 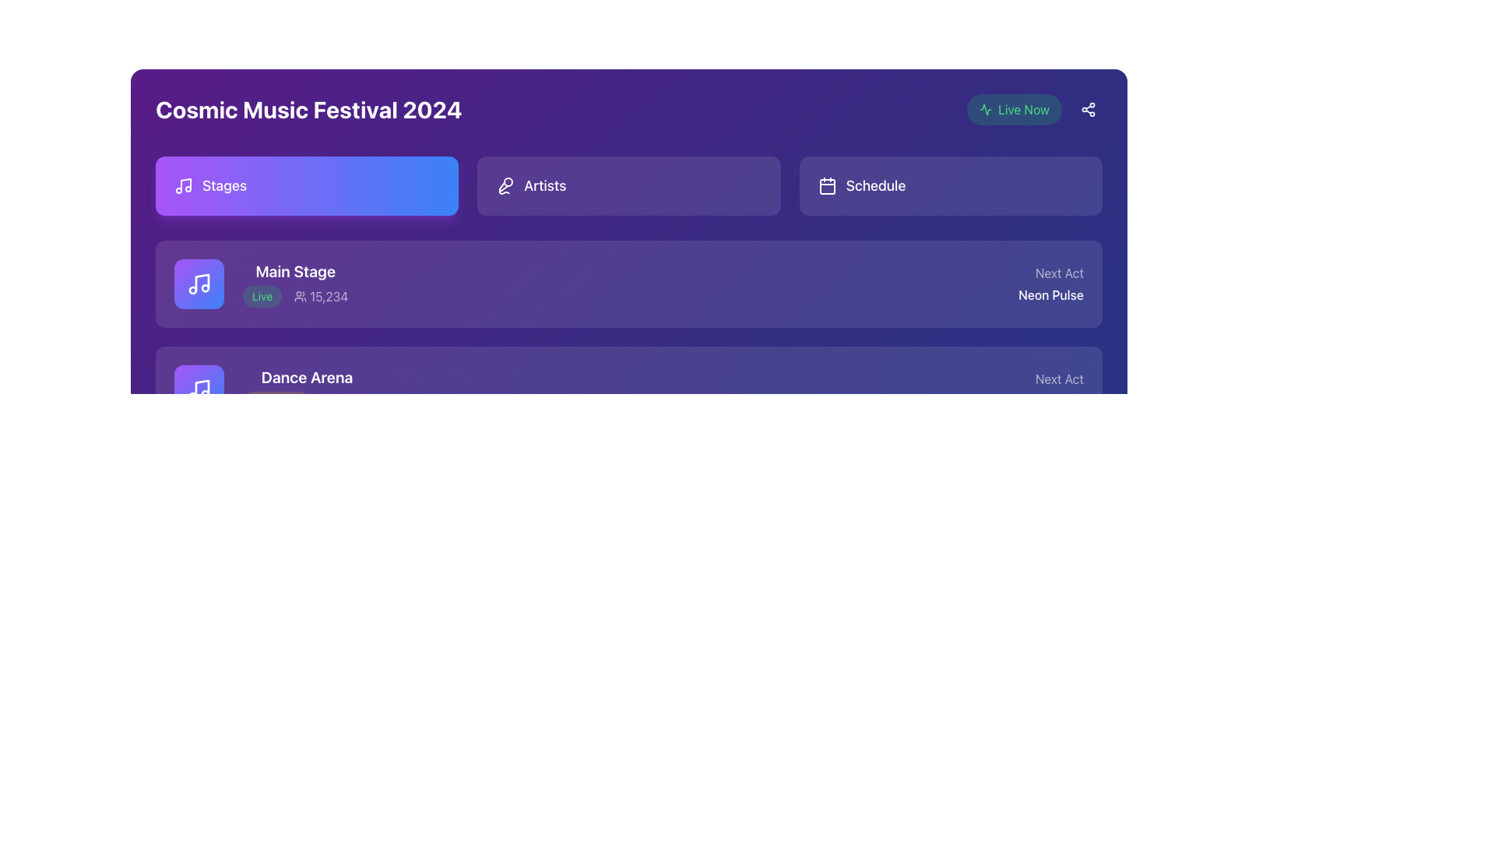 I want to click on the 'Dance Arena' icon representing the stage in the Cosmic Music Festival 2024 interface, located to the left of the 'Dance Arena' text, so click(x=198, y=389).